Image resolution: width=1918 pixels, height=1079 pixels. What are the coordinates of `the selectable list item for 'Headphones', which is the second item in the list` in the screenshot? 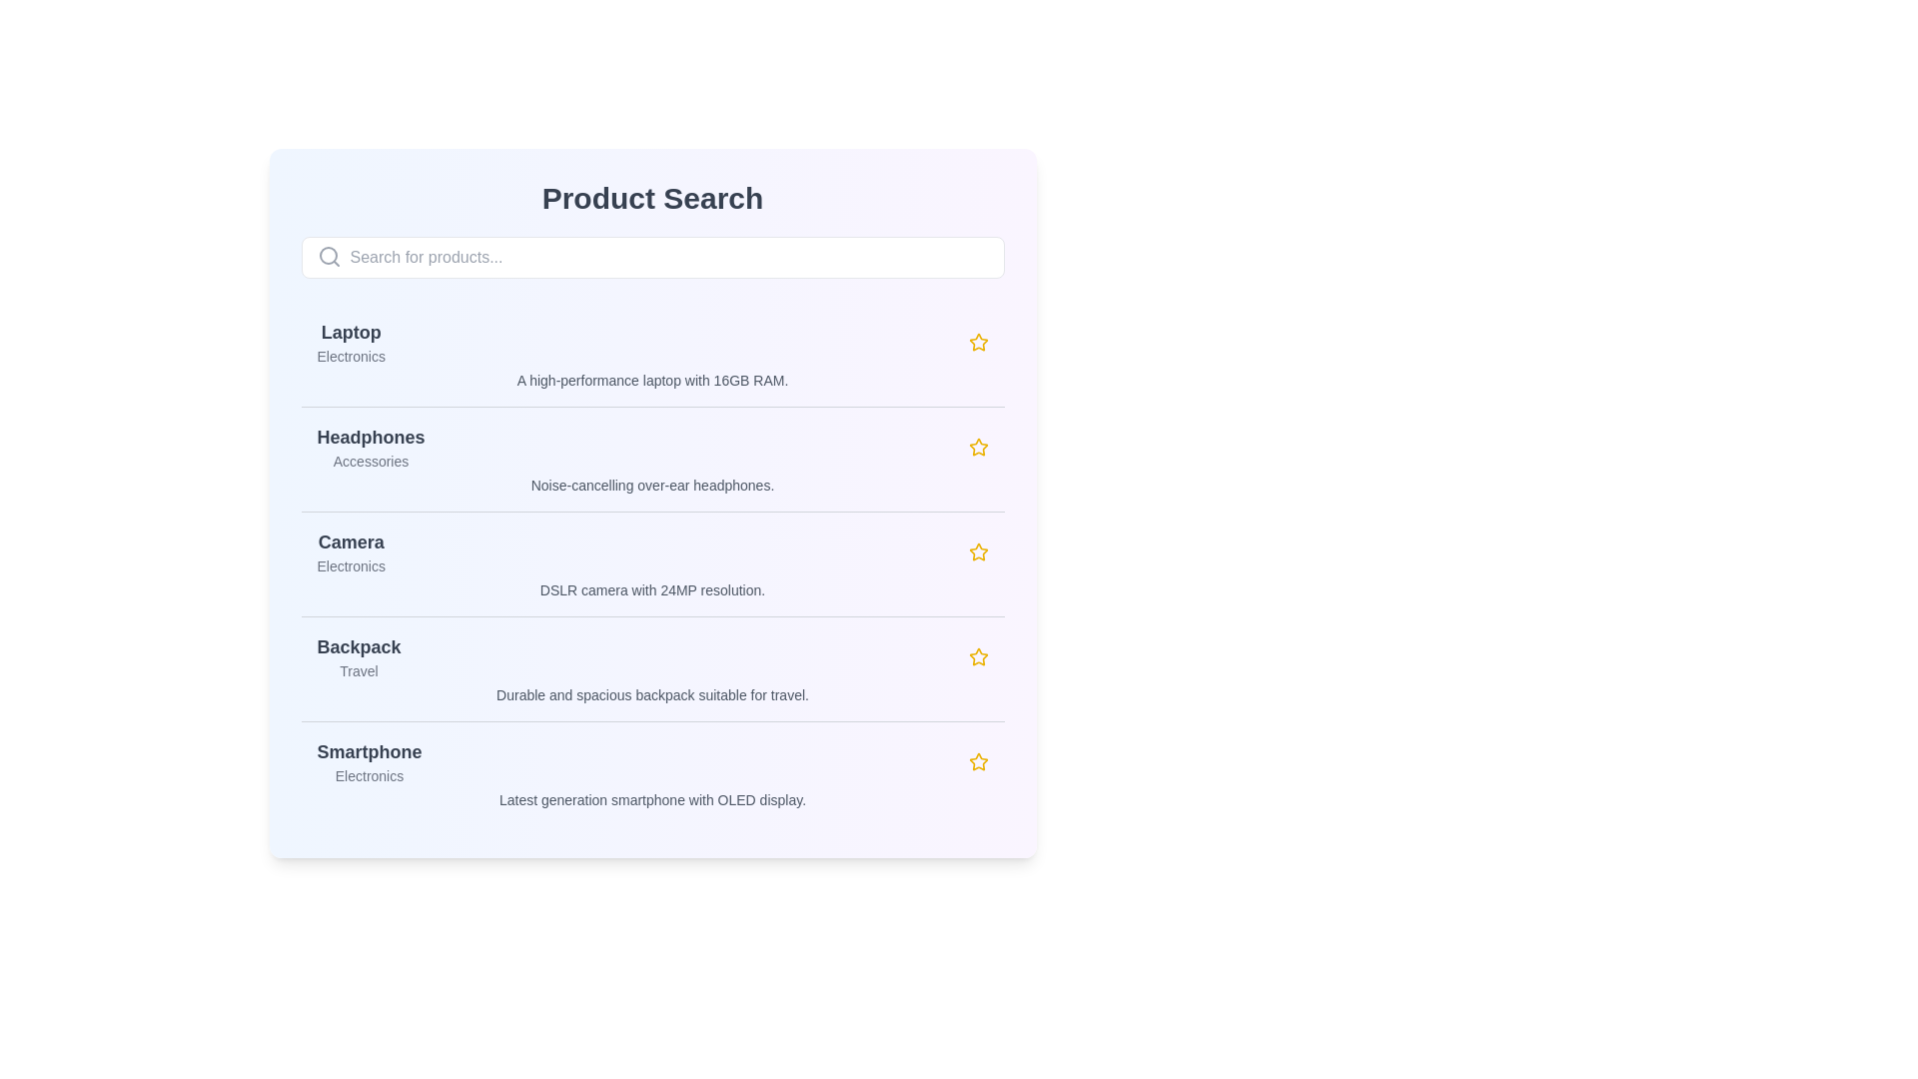 It's located at (652, 459).